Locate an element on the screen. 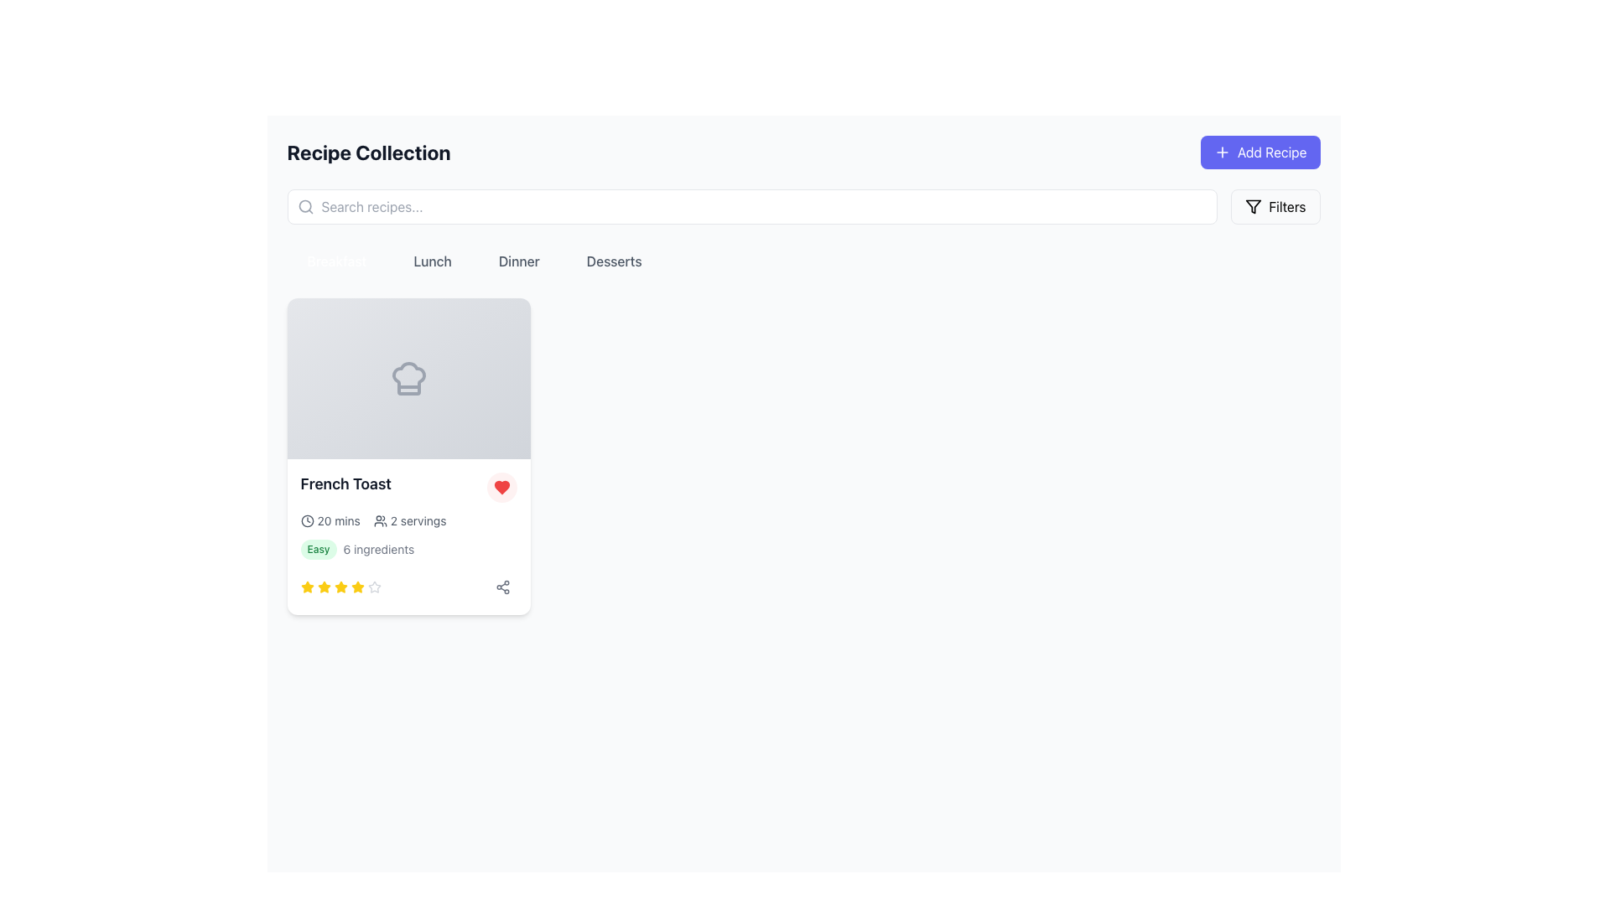 The height and width of the screenshot is (905, 1610). the third star icon in the five-star rating component of the 'French Toast' recipe to assign a rating is located at coordinates (340, 586).